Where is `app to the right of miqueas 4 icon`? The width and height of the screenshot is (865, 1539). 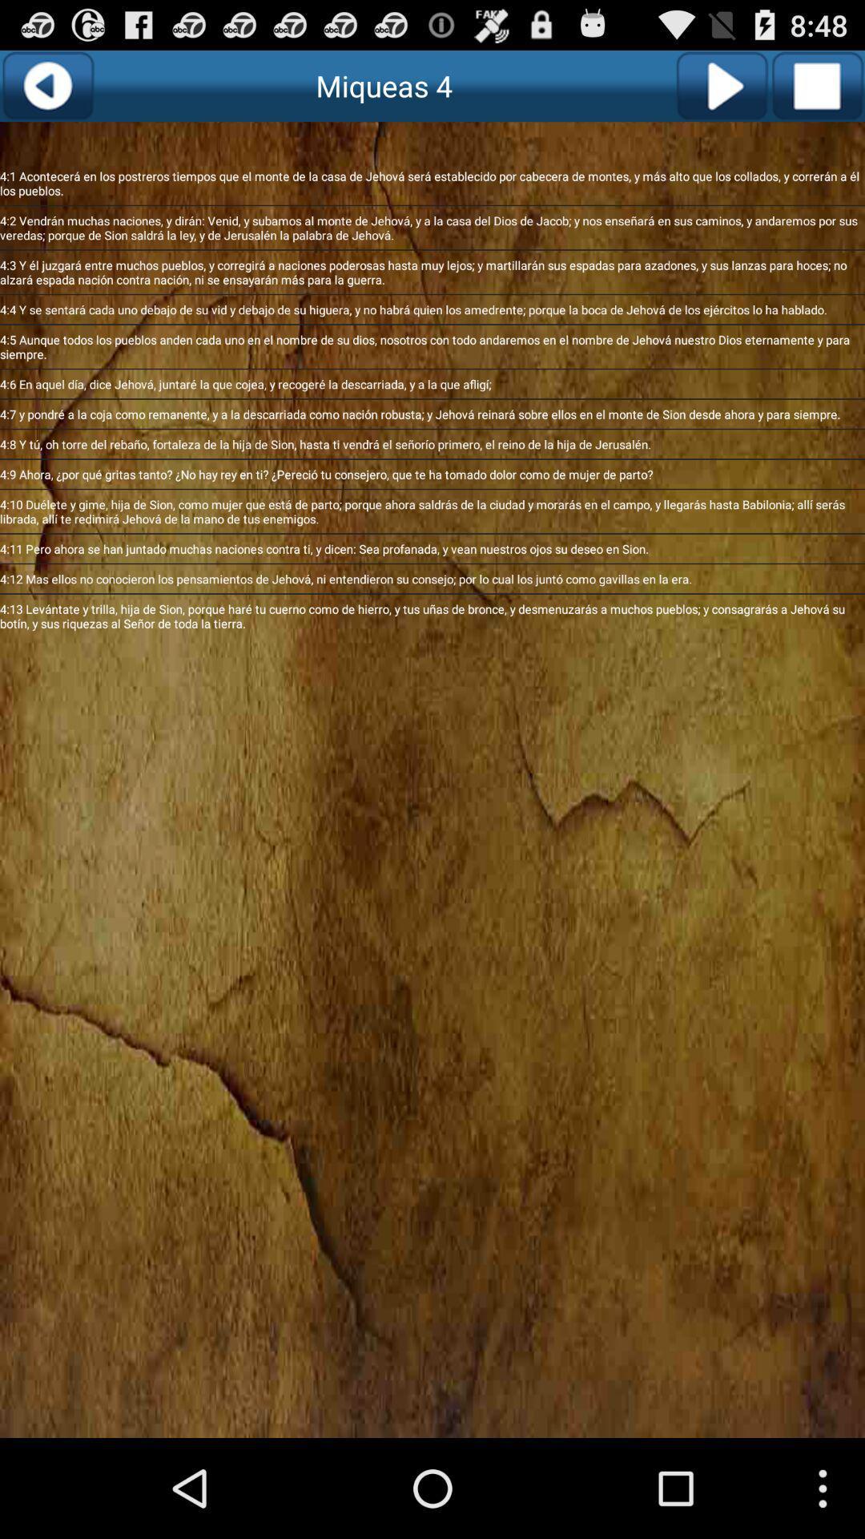
app to the right of miqueas 4 icon is located at coordinates (722, 85).